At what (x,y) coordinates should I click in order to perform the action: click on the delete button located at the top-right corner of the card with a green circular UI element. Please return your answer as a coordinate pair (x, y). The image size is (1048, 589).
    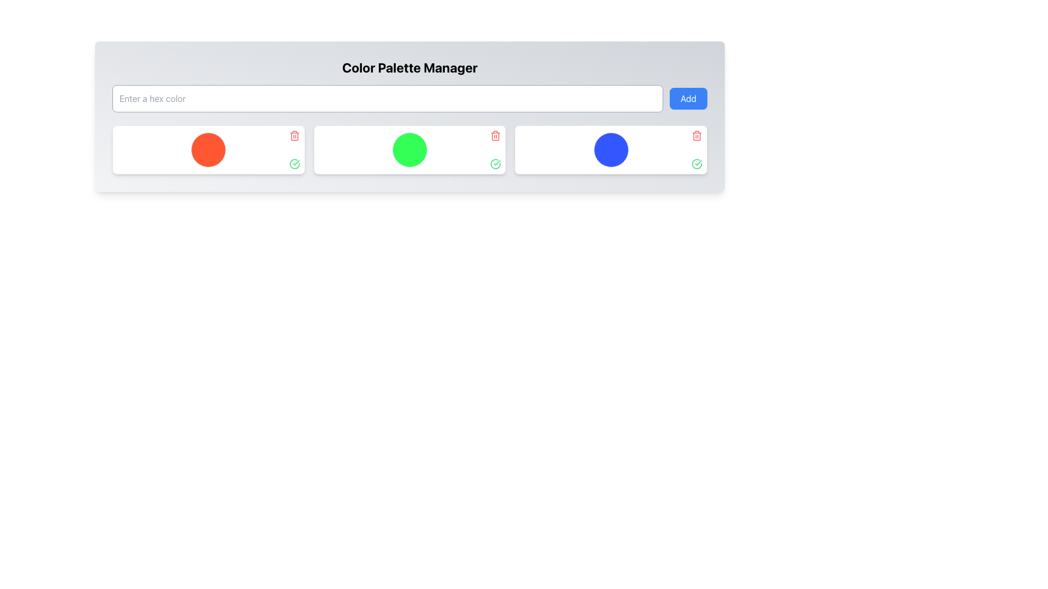
    Looking at the image, I should click on (495, 135).